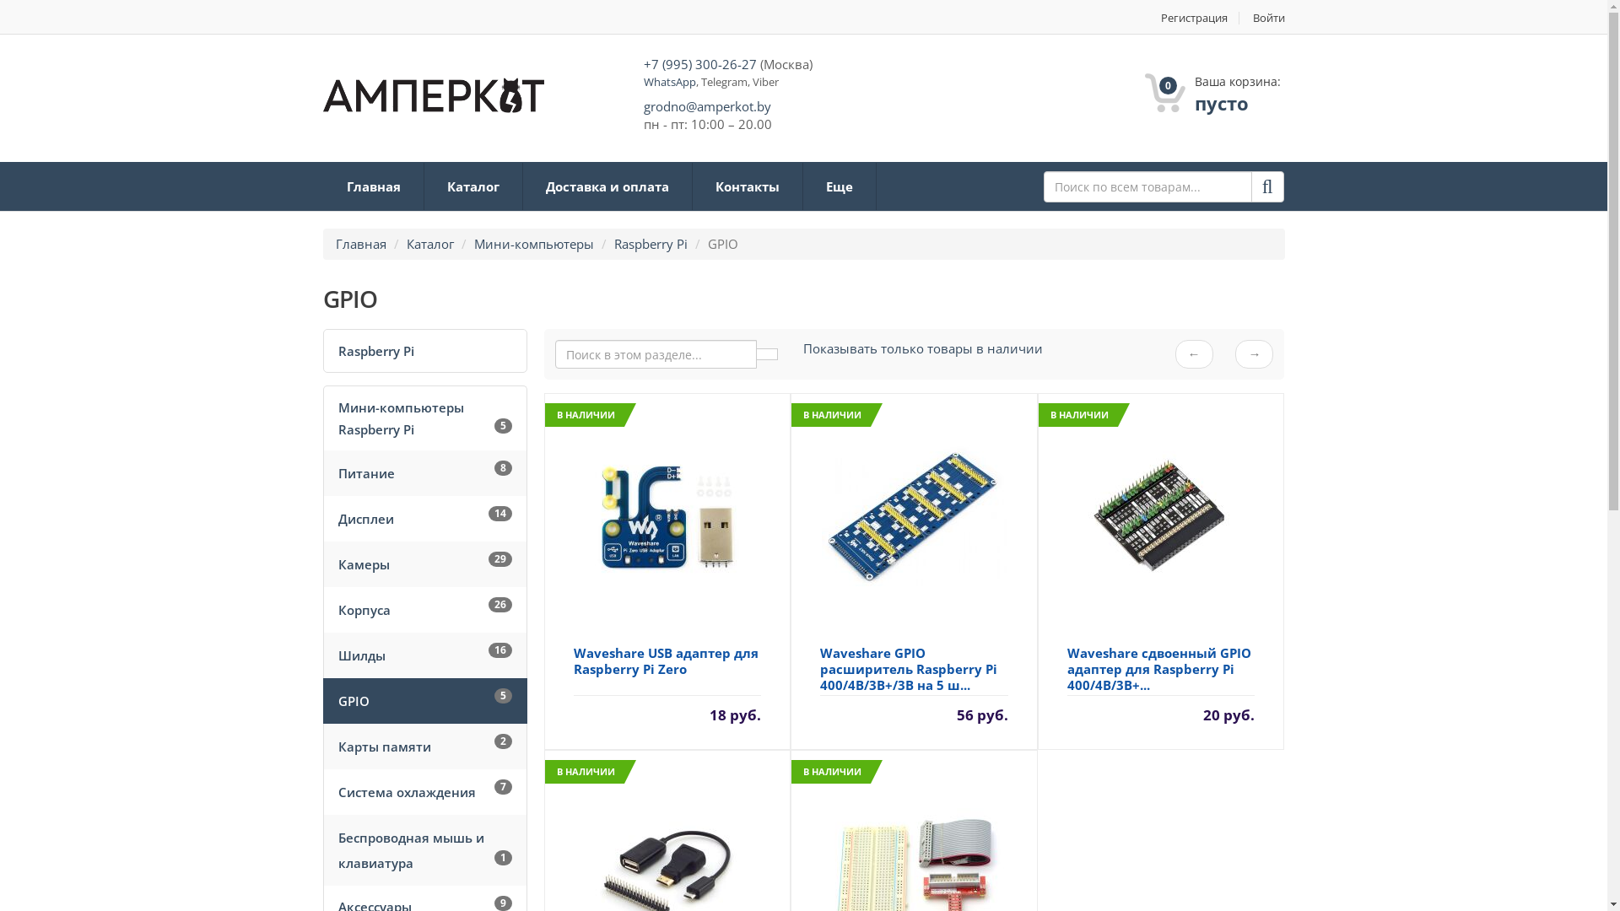  Describe the element at coordinates (667, 81) in the screenshot. I see `'WhatsApp'` at that location.